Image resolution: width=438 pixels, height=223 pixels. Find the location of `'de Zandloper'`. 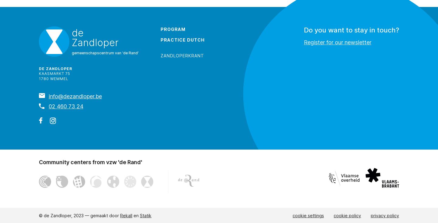

'de Zandloper' is located at coordinates (55, 68).